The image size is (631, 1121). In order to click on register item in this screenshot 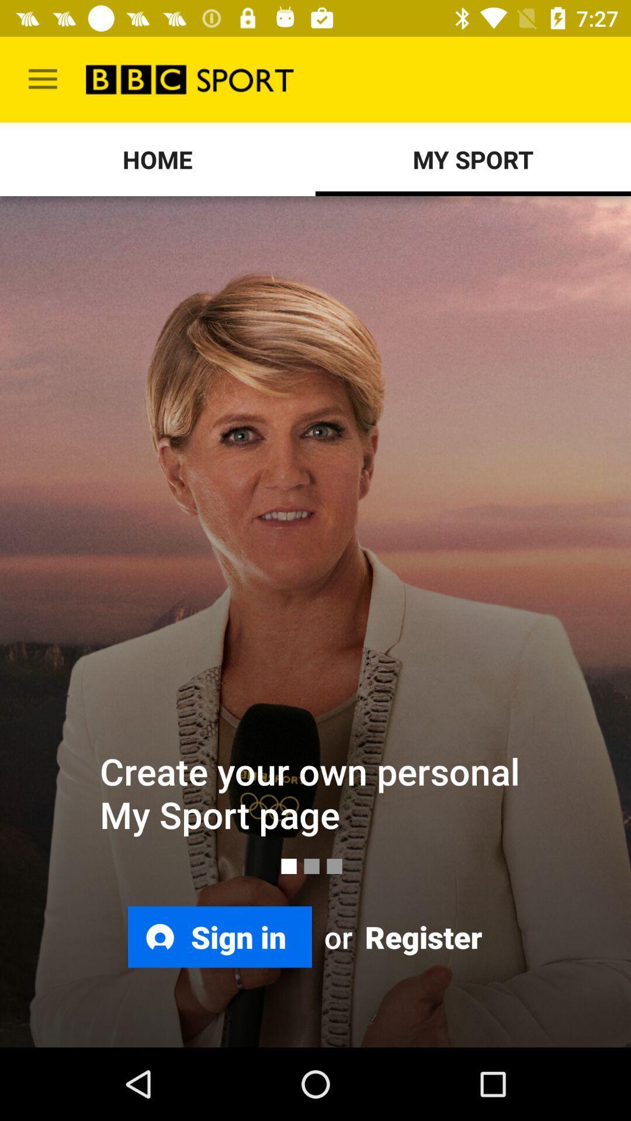, I will do `click(421, 937)`.